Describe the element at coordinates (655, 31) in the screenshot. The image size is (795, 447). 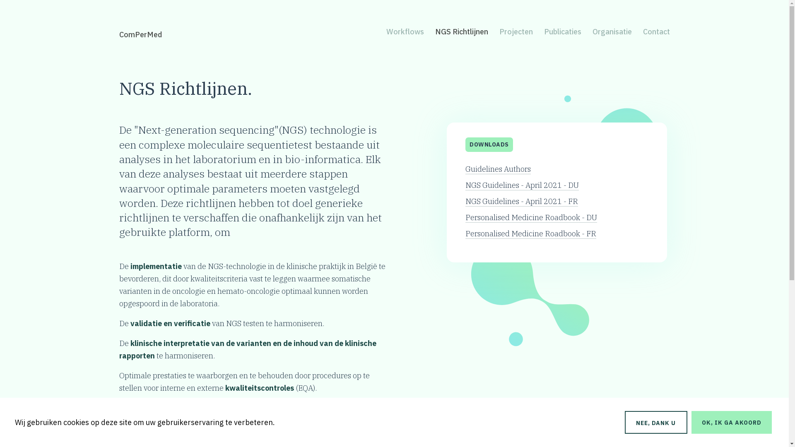
I see `'Contact'` at that location.